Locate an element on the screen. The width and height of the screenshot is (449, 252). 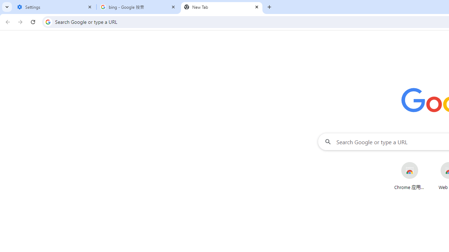
'New Tab' is located at coordinates (221, 7).